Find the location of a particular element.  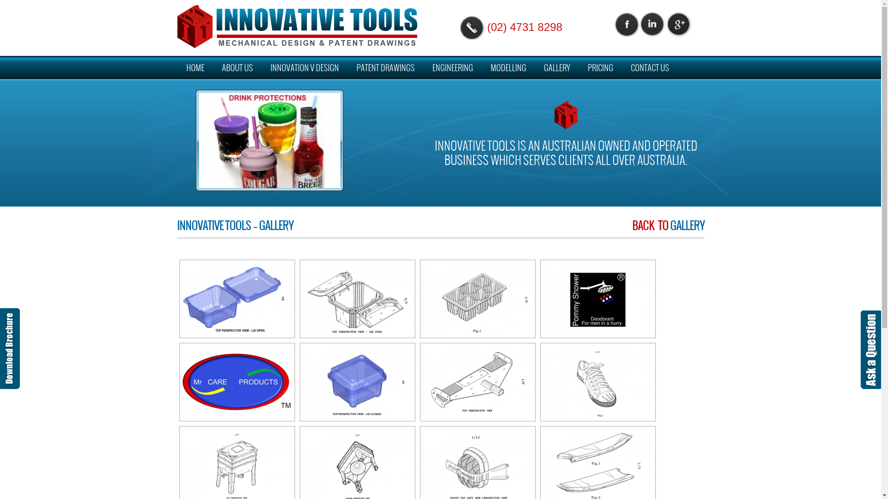

'Facebook' is located at coordinates (626, 24).